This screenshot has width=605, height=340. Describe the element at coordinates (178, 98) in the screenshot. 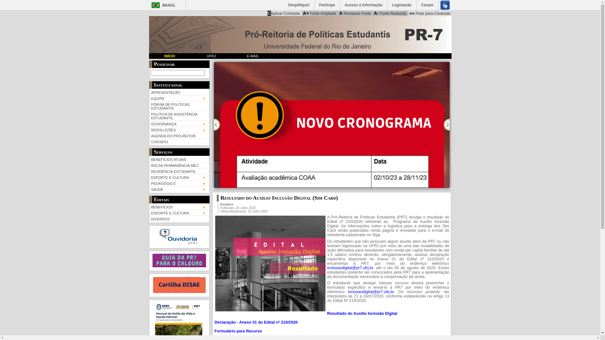

I see `'EQUIPE'` at that location.